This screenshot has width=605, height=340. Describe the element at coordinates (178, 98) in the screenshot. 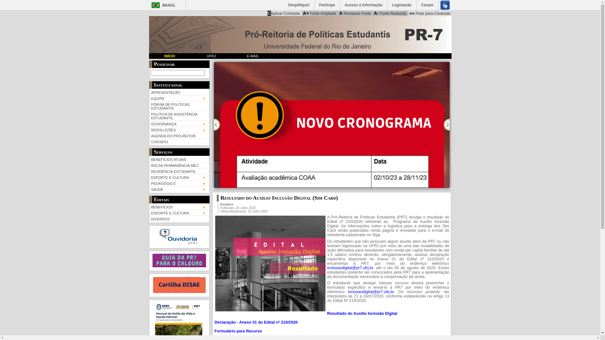

I see `'EQUIPE'` at that location.